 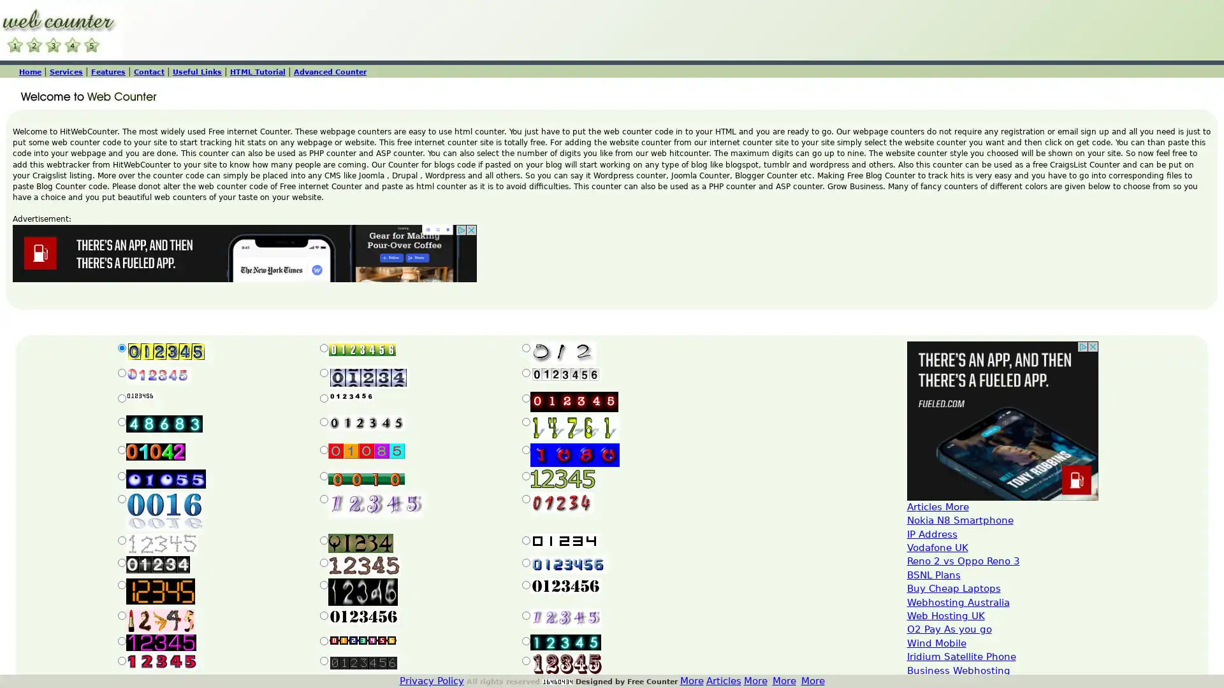 I want to click on Submit, so click(x=159, y=619).